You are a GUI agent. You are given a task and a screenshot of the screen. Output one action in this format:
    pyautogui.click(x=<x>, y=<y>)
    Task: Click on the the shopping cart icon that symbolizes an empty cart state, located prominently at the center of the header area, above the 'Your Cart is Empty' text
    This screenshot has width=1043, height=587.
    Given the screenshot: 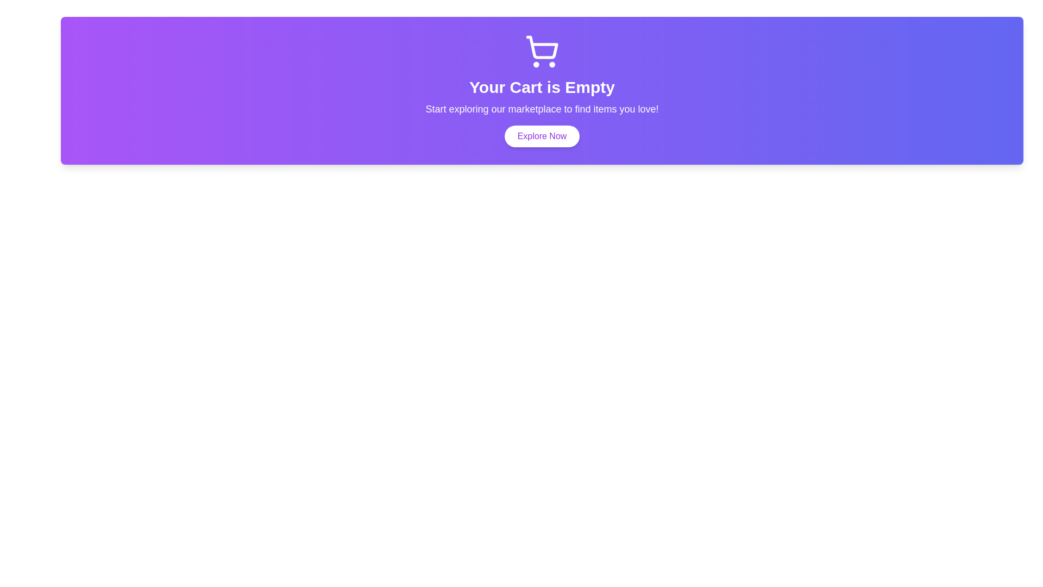 What is the action you would take?
    pyautogui.click(x=542, y=47)
    